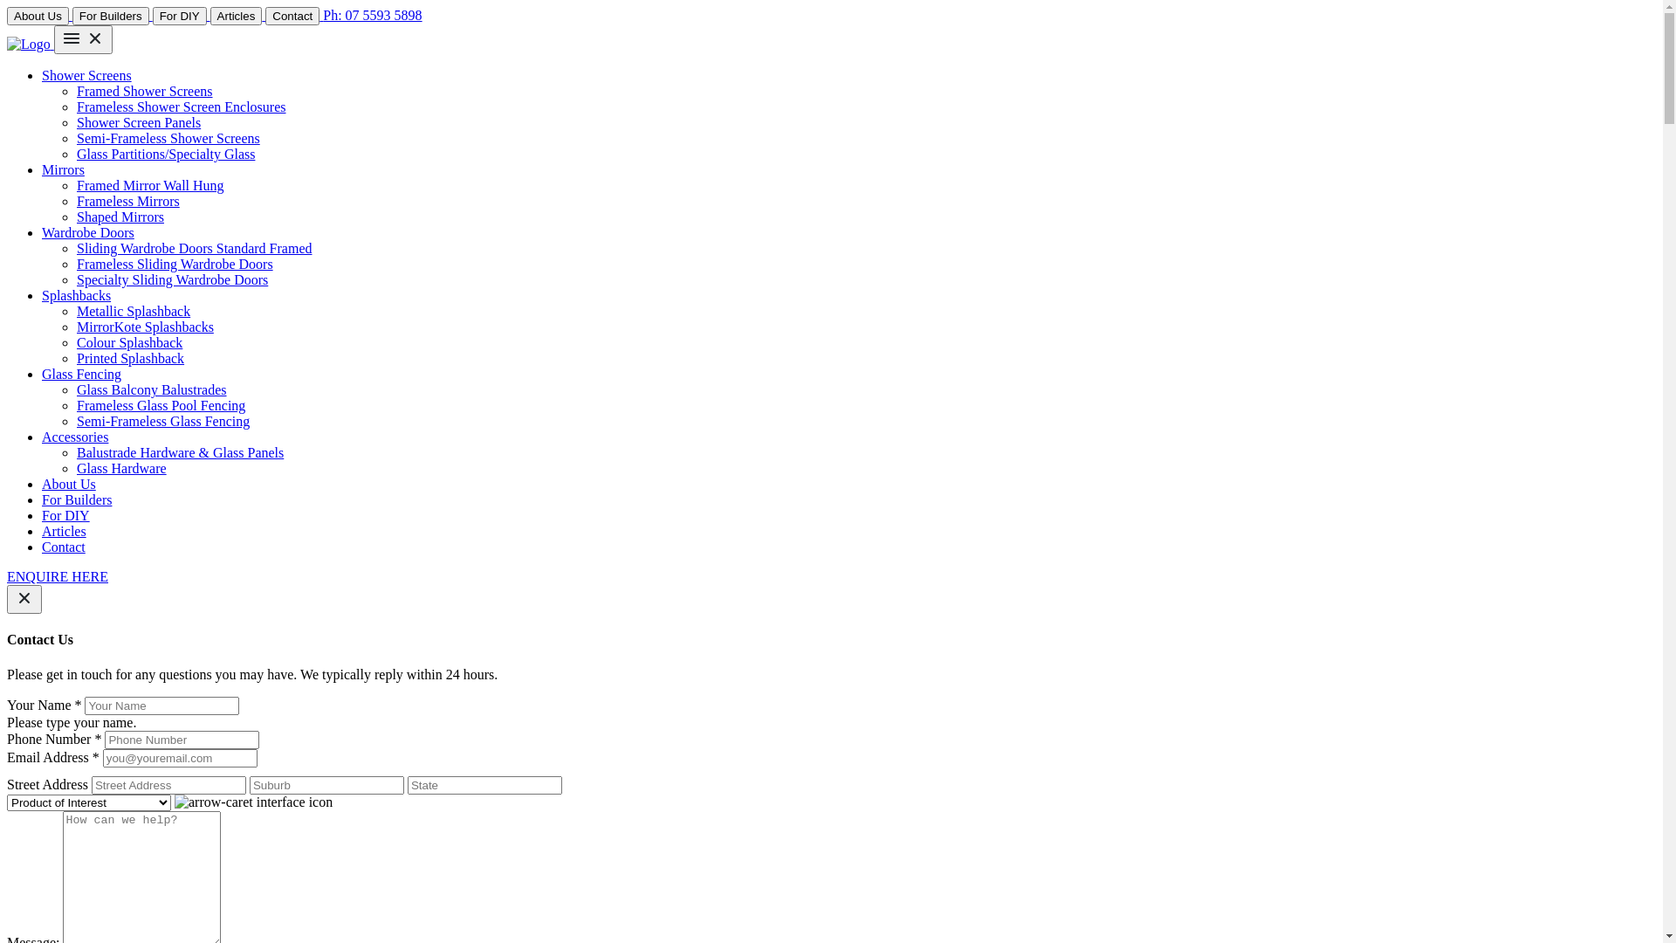 The width and height of the screenshot is (1676, 943). Describe the element at coordinates (181, 107) in the screenshot. I see `'Frameless Shower Screen Enclosures'` at that location.